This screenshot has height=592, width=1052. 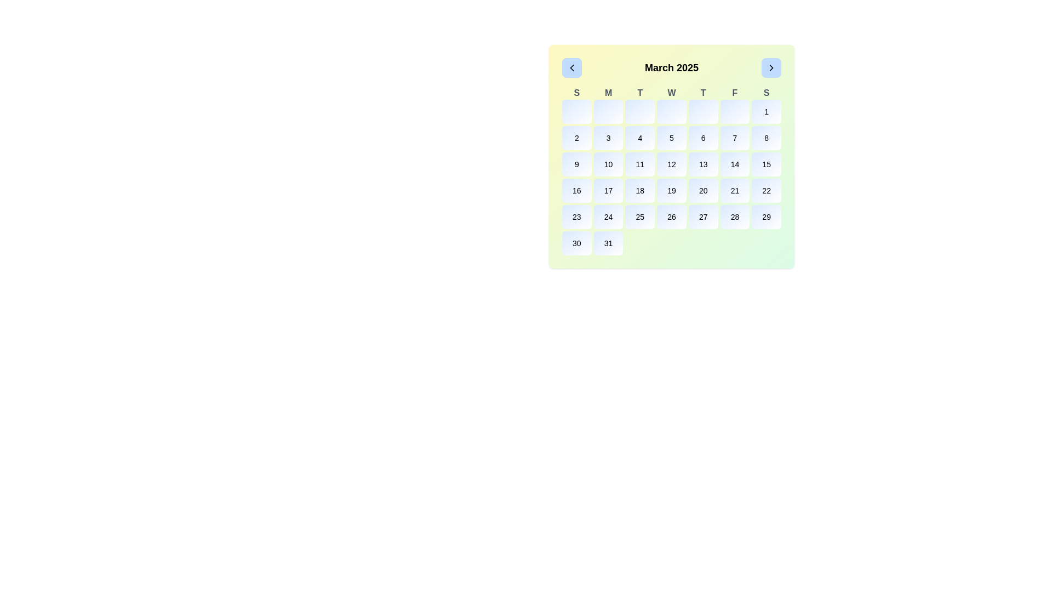 What do you see at coordinates (576, 242) in the screenshot?
I see `the button representing the 30th day in the calendar interface` at bounding box center [576, 242].